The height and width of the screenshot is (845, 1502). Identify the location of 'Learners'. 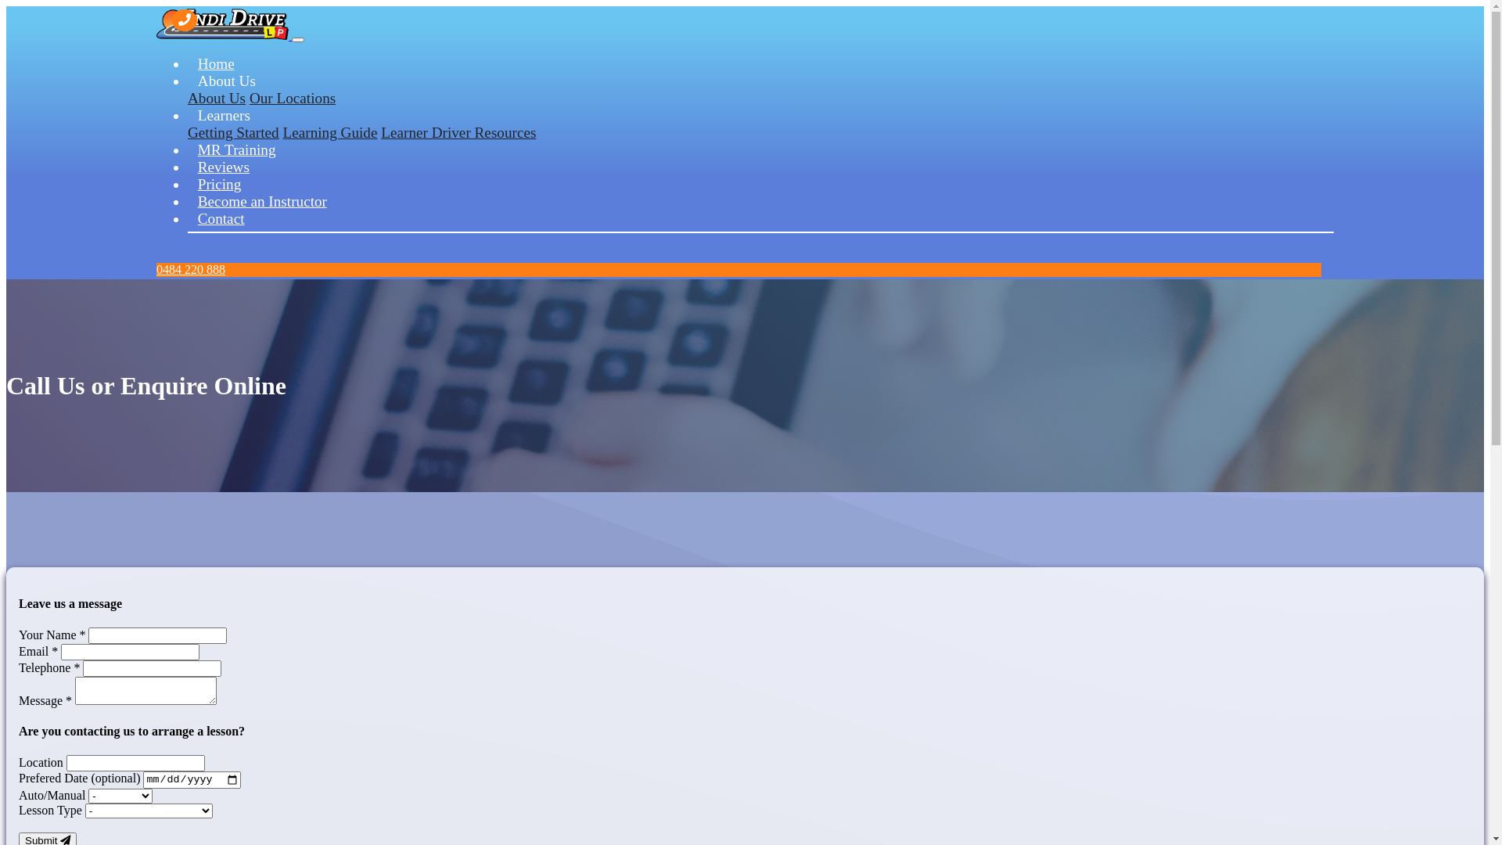
(223, 114).